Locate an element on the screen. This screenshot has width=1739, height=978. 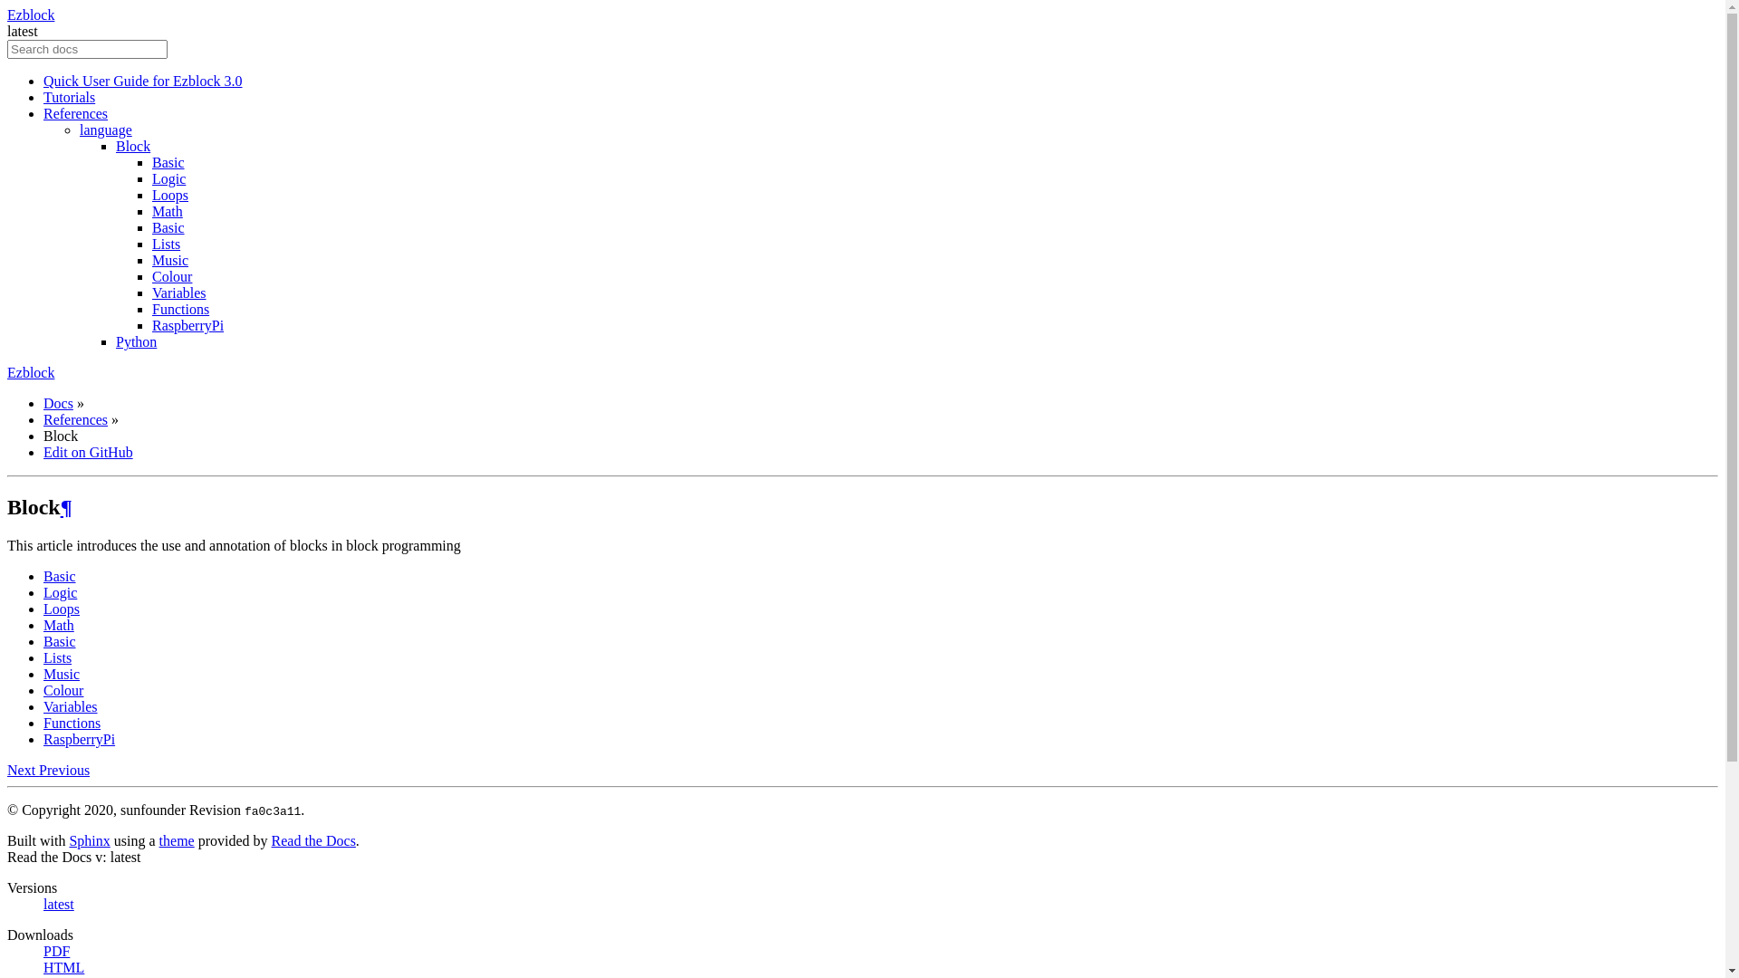
'RaspberryPi' is located at coordinates (187, 324).